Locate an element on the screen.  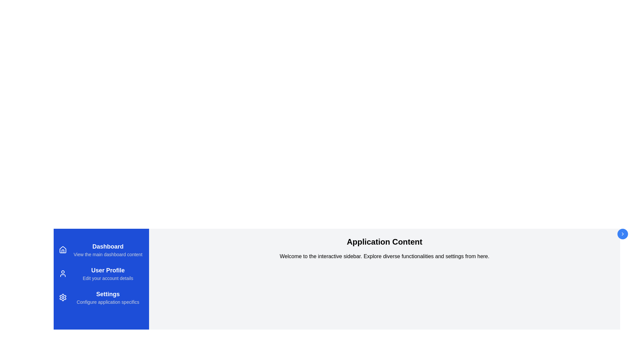
the description of the Settings menu item is located at coordinates (108, 294).